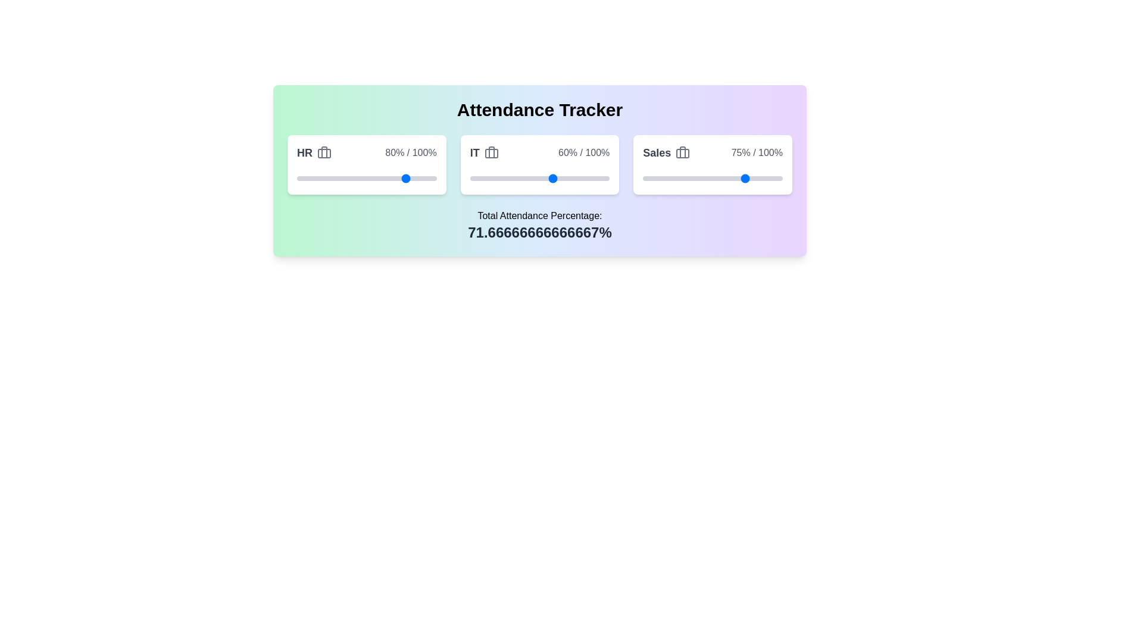 This screenshot has width=1143, height=643. I want to click on the slider value, so click(574, 179).